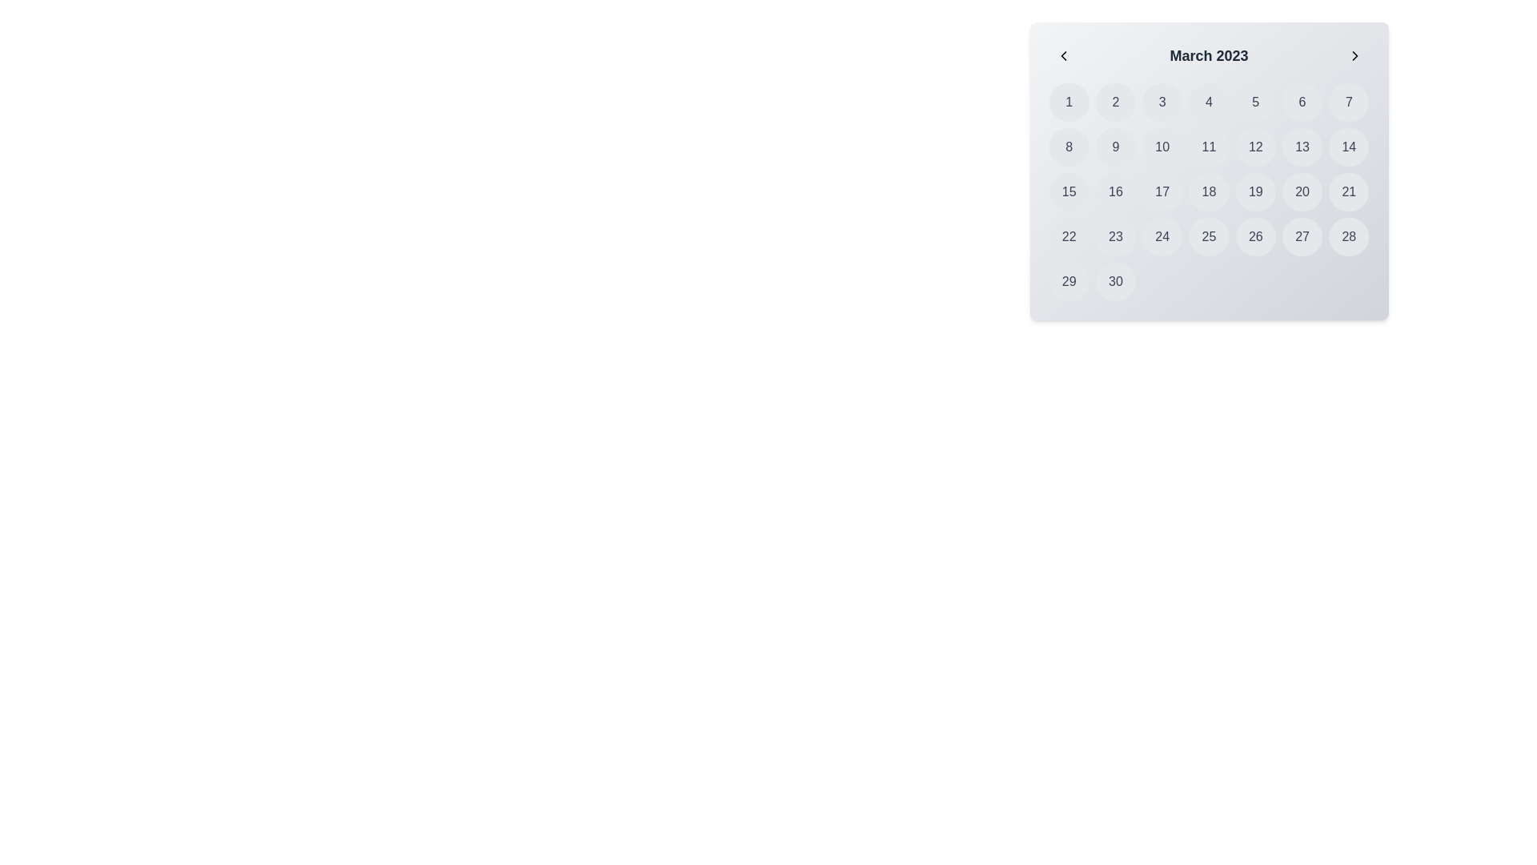  What do you see at coordinates (1302, 102) in the screenshot?
I see `the rounded button labeled '6' with a light gray background` at bounding box center [1302, 102].